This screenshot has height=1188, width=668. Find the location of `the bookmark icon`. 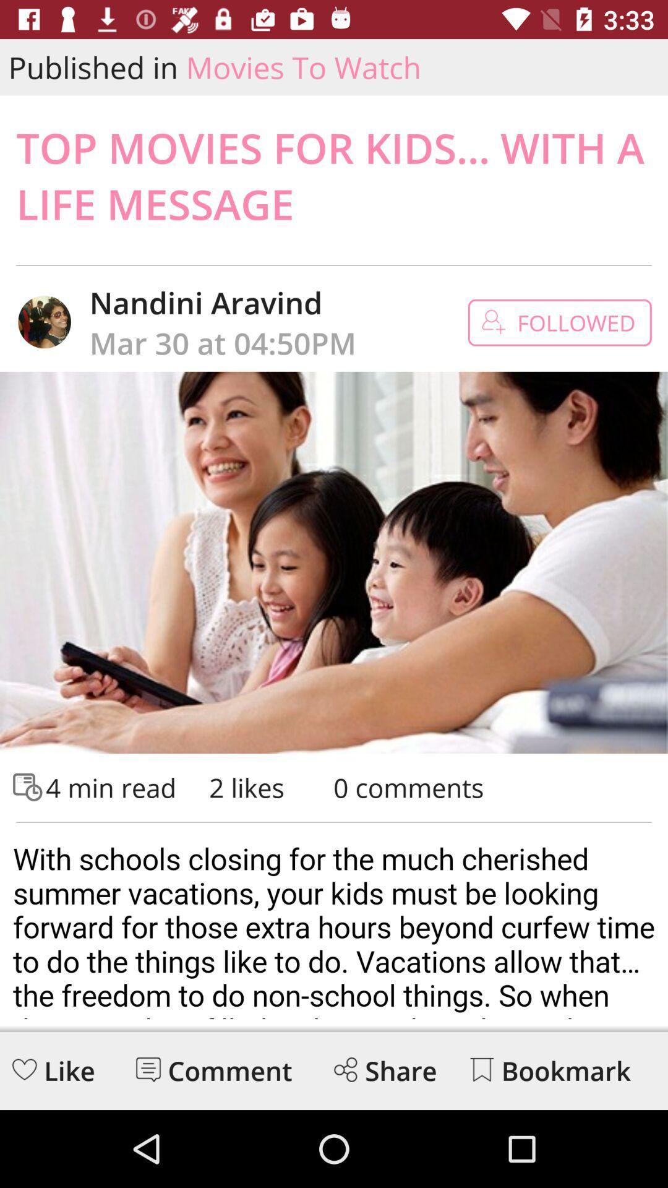

the bookmark icon is located at coordinates (481, 1069).